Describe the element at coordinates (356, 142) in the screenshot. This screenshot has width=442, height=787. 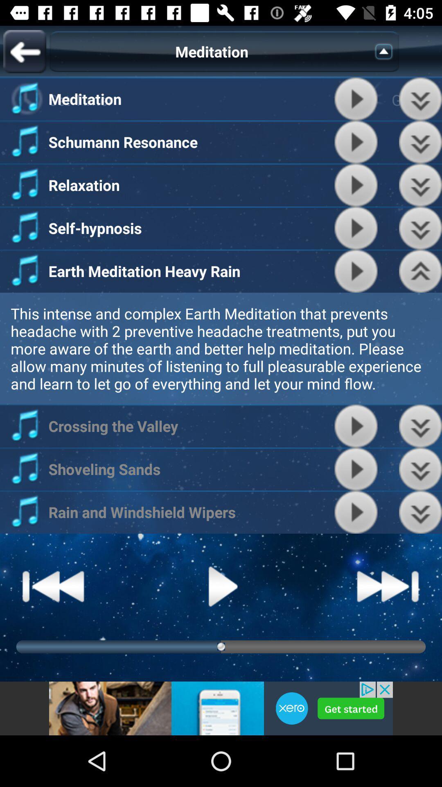
I see `pause` at that location.